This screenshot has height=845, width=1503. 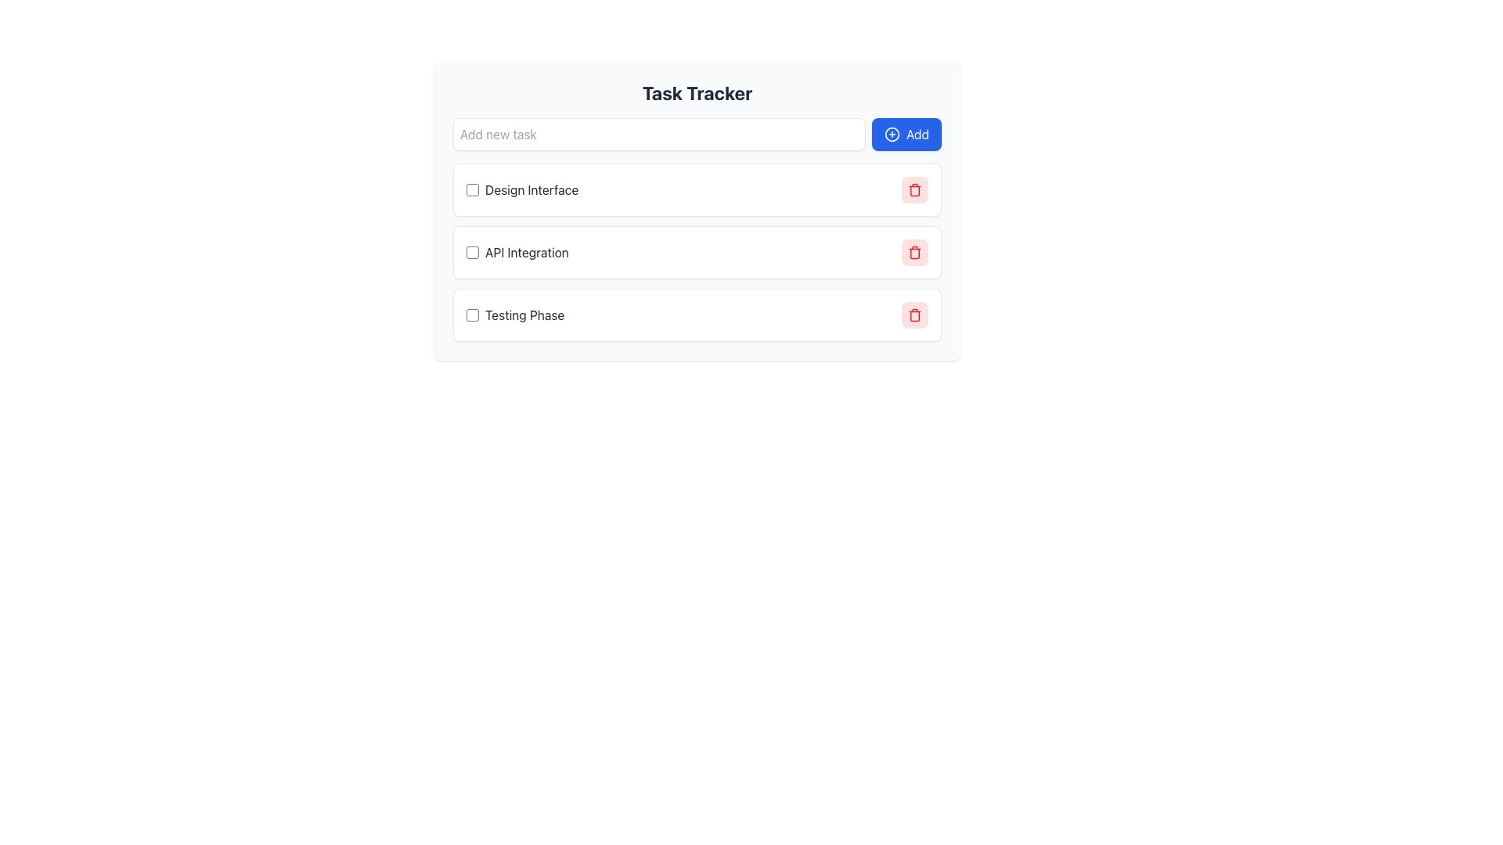 I want to click on the Combined input field with action button located beneath the 'Task Tracker' title, so click(x=697, y=134).